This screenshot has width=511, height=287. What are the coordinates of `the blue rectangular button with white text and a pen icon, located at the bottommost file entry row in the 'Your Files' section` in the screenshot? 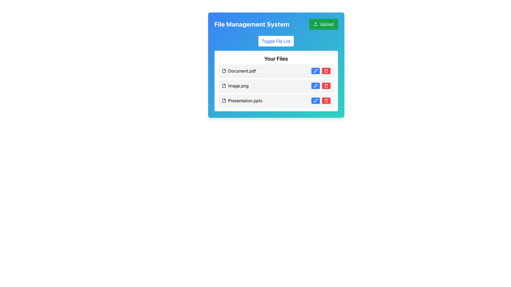 It's located at (315, 100).